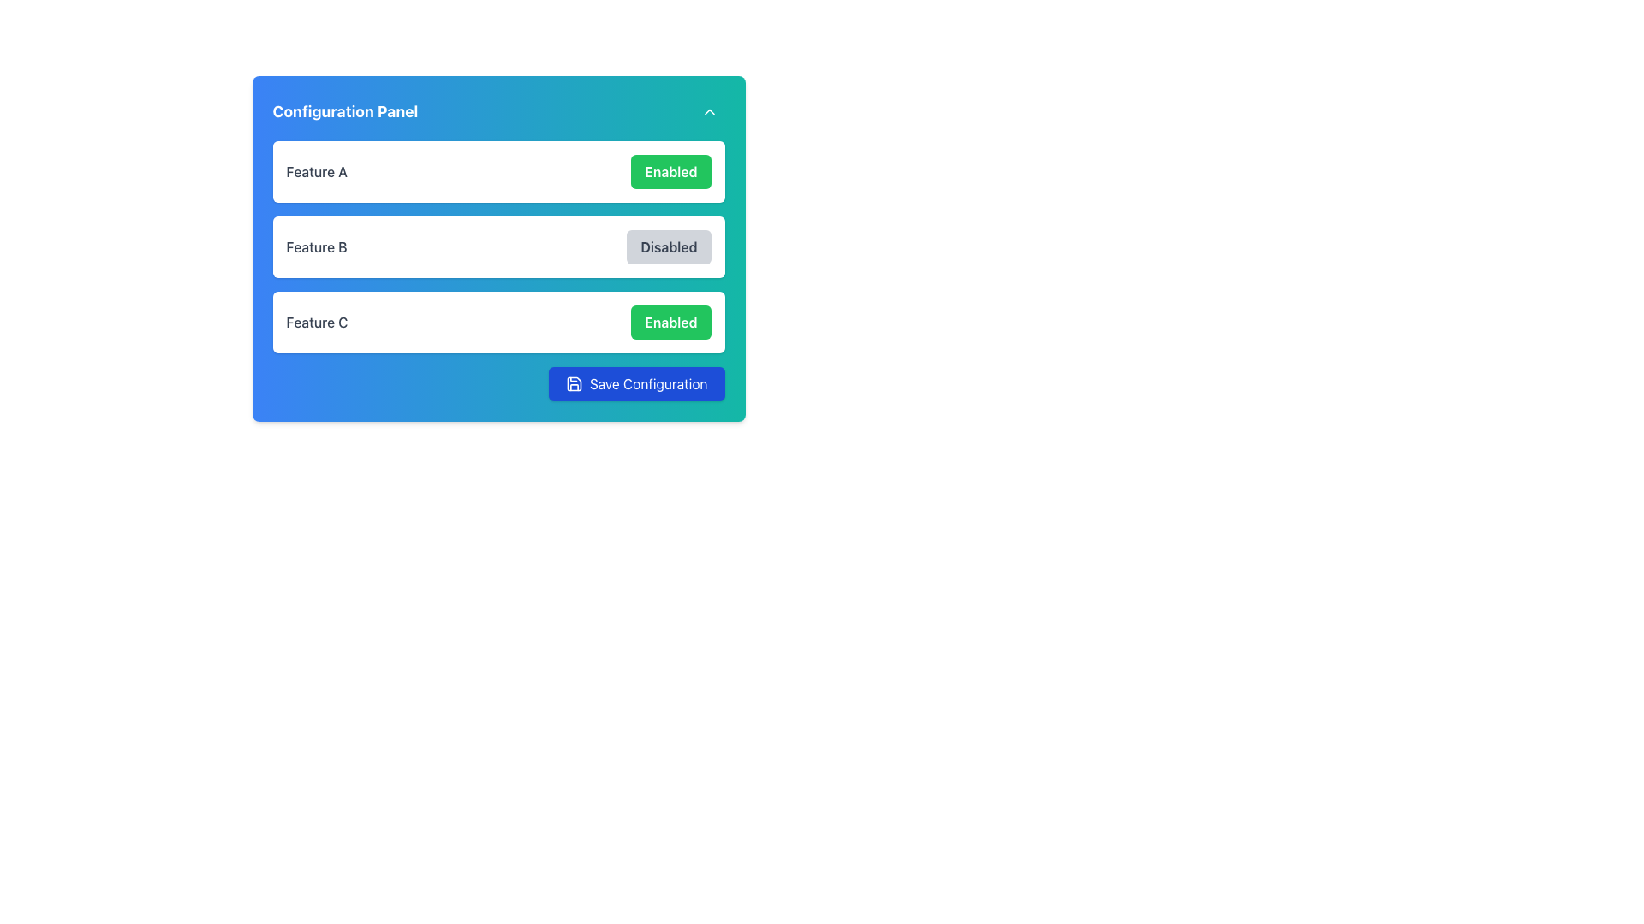 Image resolution: width=1644 pixels, height=924 pixels. Describe the element at coordinates (317, 323) in the screenshot. I see `the left-aligned text label in the configuration panel, which is the identifier for the third feature row, located next to the green 'Enabled' button` at that location.